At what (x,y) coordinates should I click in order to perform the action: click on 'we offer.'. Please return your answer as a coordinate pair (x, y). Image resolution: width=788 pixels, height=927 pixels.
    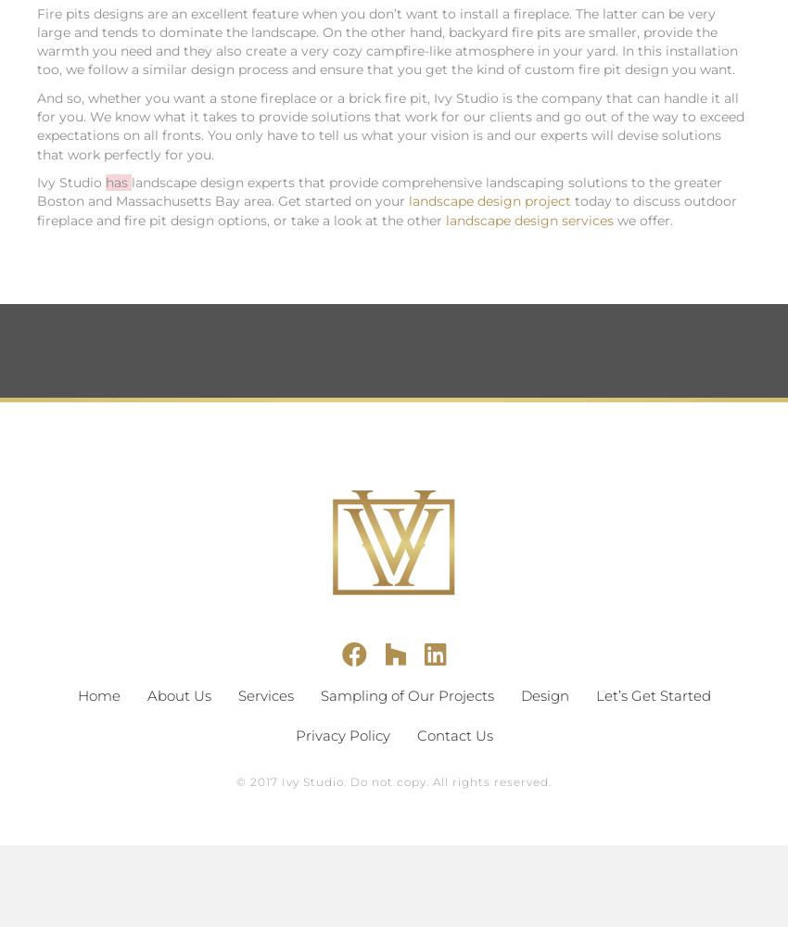
    Looking at the image, I should click on (642, 219).